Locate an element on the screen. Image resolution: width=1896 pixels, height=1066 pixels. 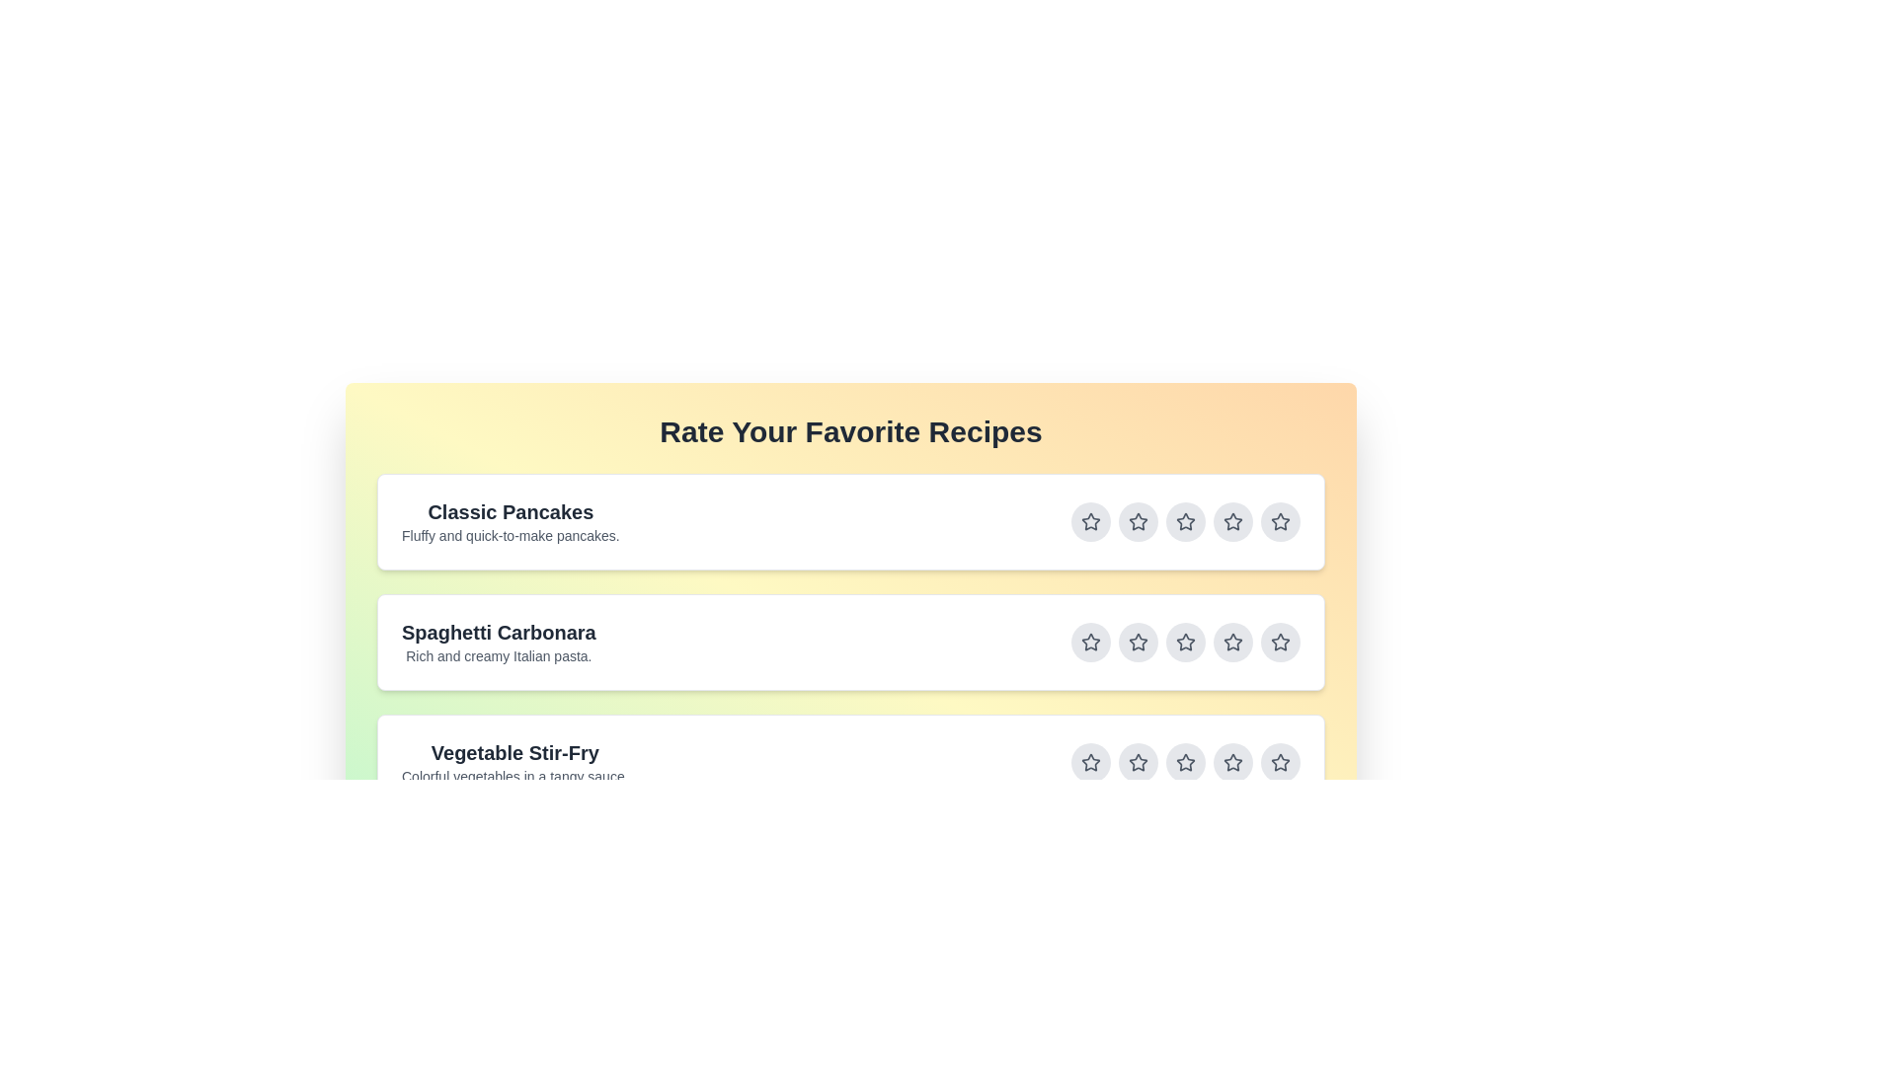
the star button for rating 4 of the recipe Vegetable Stir-Fry is located at coordinates (1231, 761).